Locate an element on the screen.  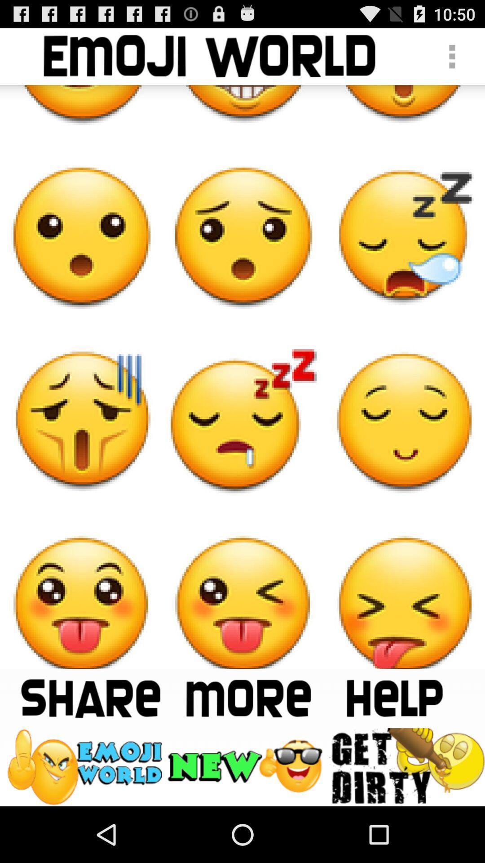
see more emoji is located at coordinates (248, 698).